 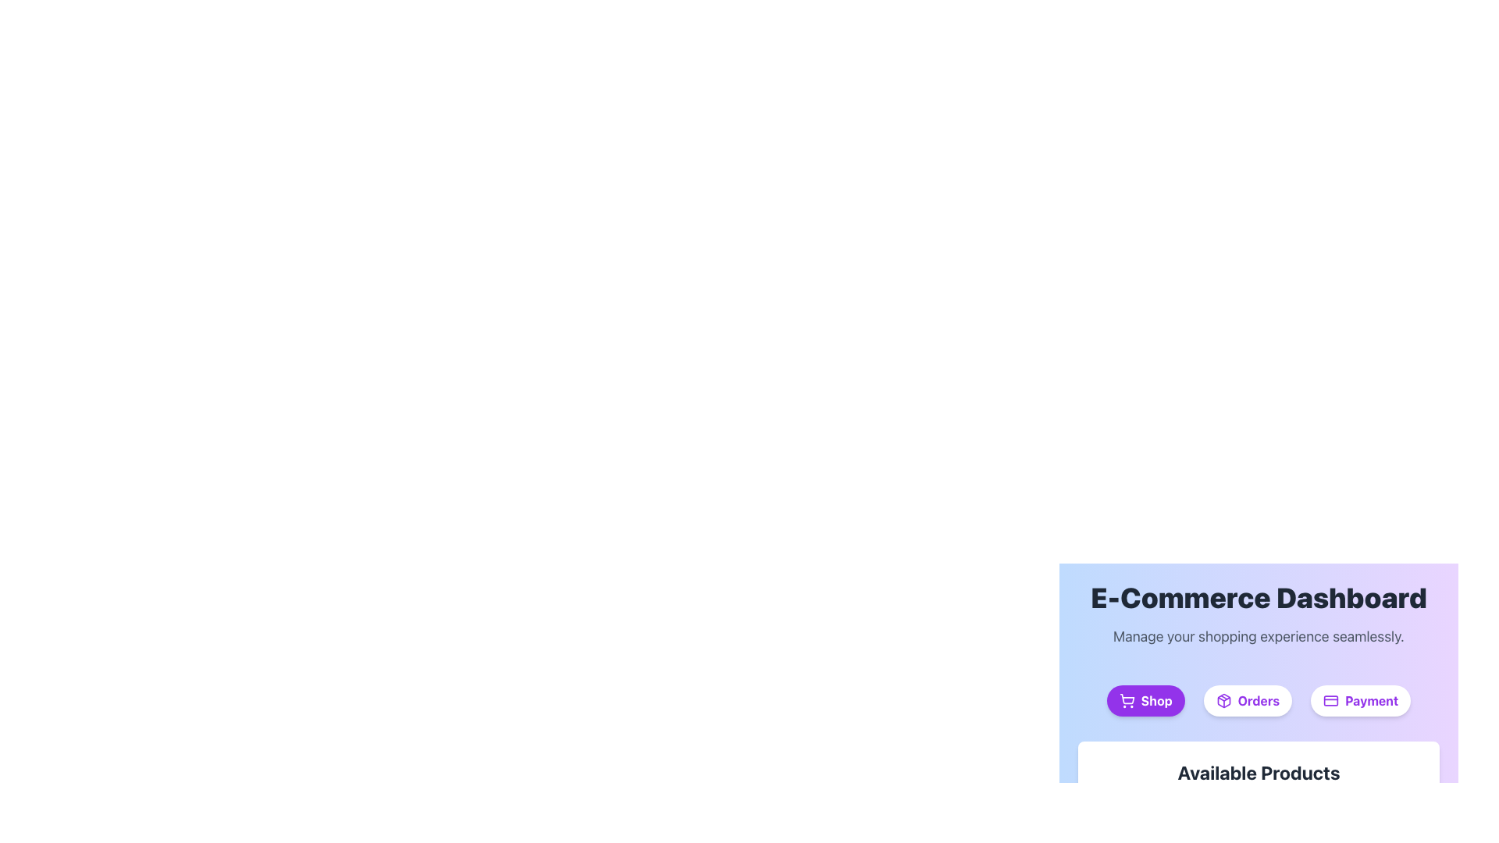 What do you see at coordinates (1330, 700) in the screenshot?
I see `the credit card body icon element, which is an SVG graphic positioned at the bottom-right part of the main interface` at bounding box center [1330, 700].